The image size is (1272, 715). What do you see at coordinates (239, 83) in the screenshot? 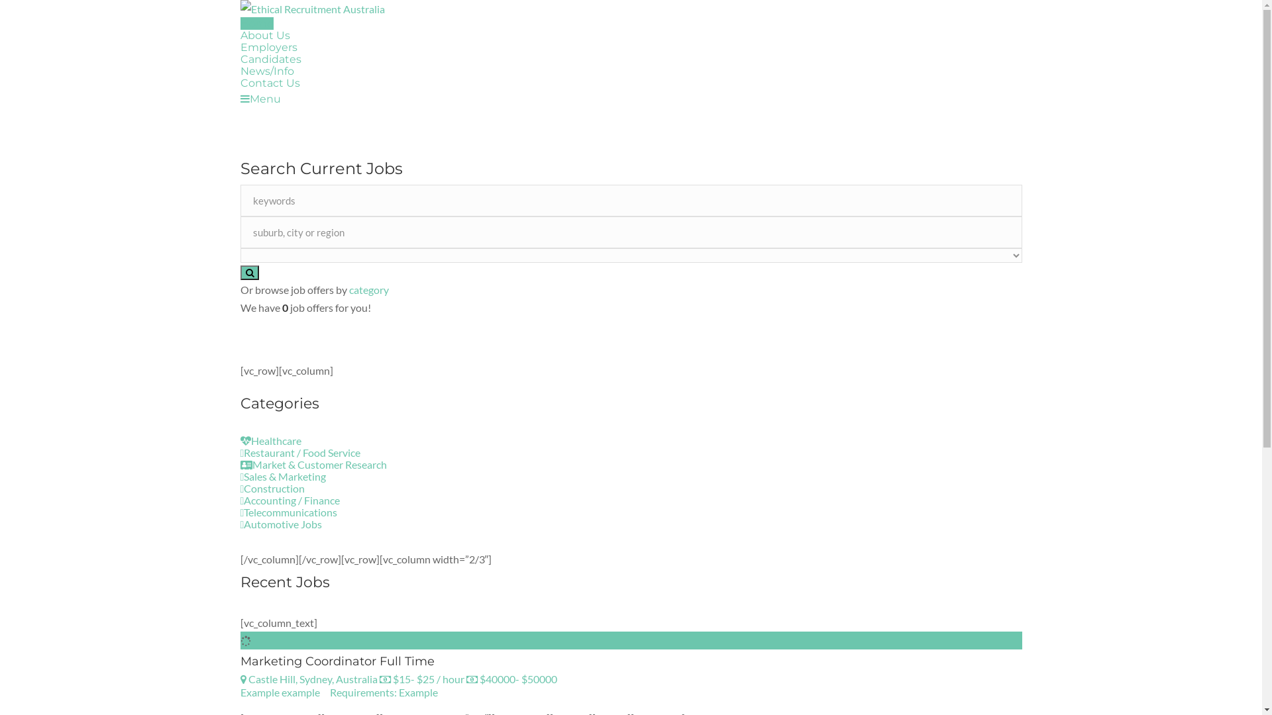
I see `'Contact Us'` at bounding box center [239, 83].